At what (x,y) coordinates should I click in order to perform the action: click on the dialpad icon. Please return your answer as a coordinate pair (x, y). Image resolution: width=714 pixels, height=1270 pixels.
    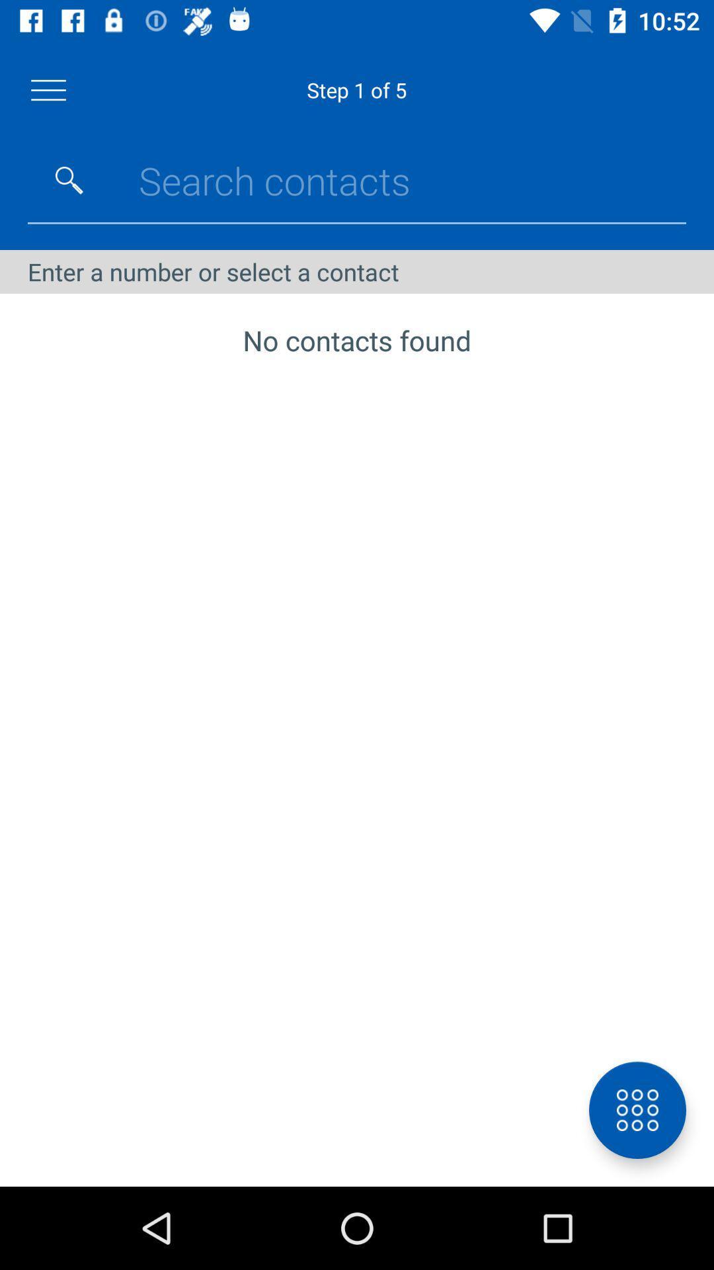
    Looking at the image, I should click on (637, 1110).